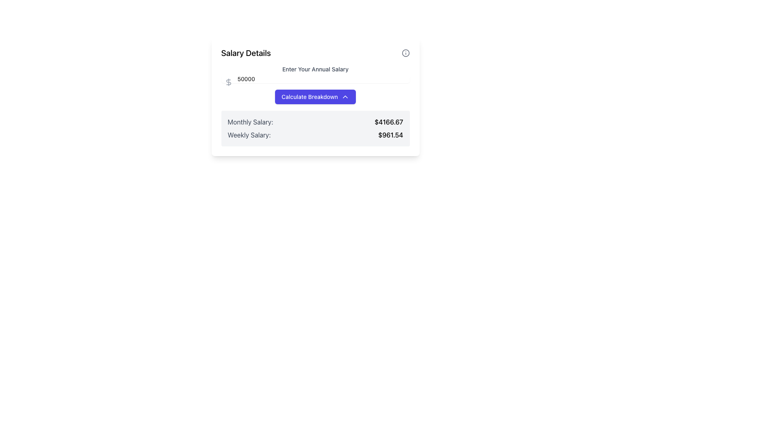 The width and height of the screenshot is (780, 438). What do you see at coordinates (228, 82) in the screenshot?
I see `the dollar sign icon indicating the unit for the annual salary input field, which is positioned at the top-left corner of the input field` at bounding box center [228, 82].